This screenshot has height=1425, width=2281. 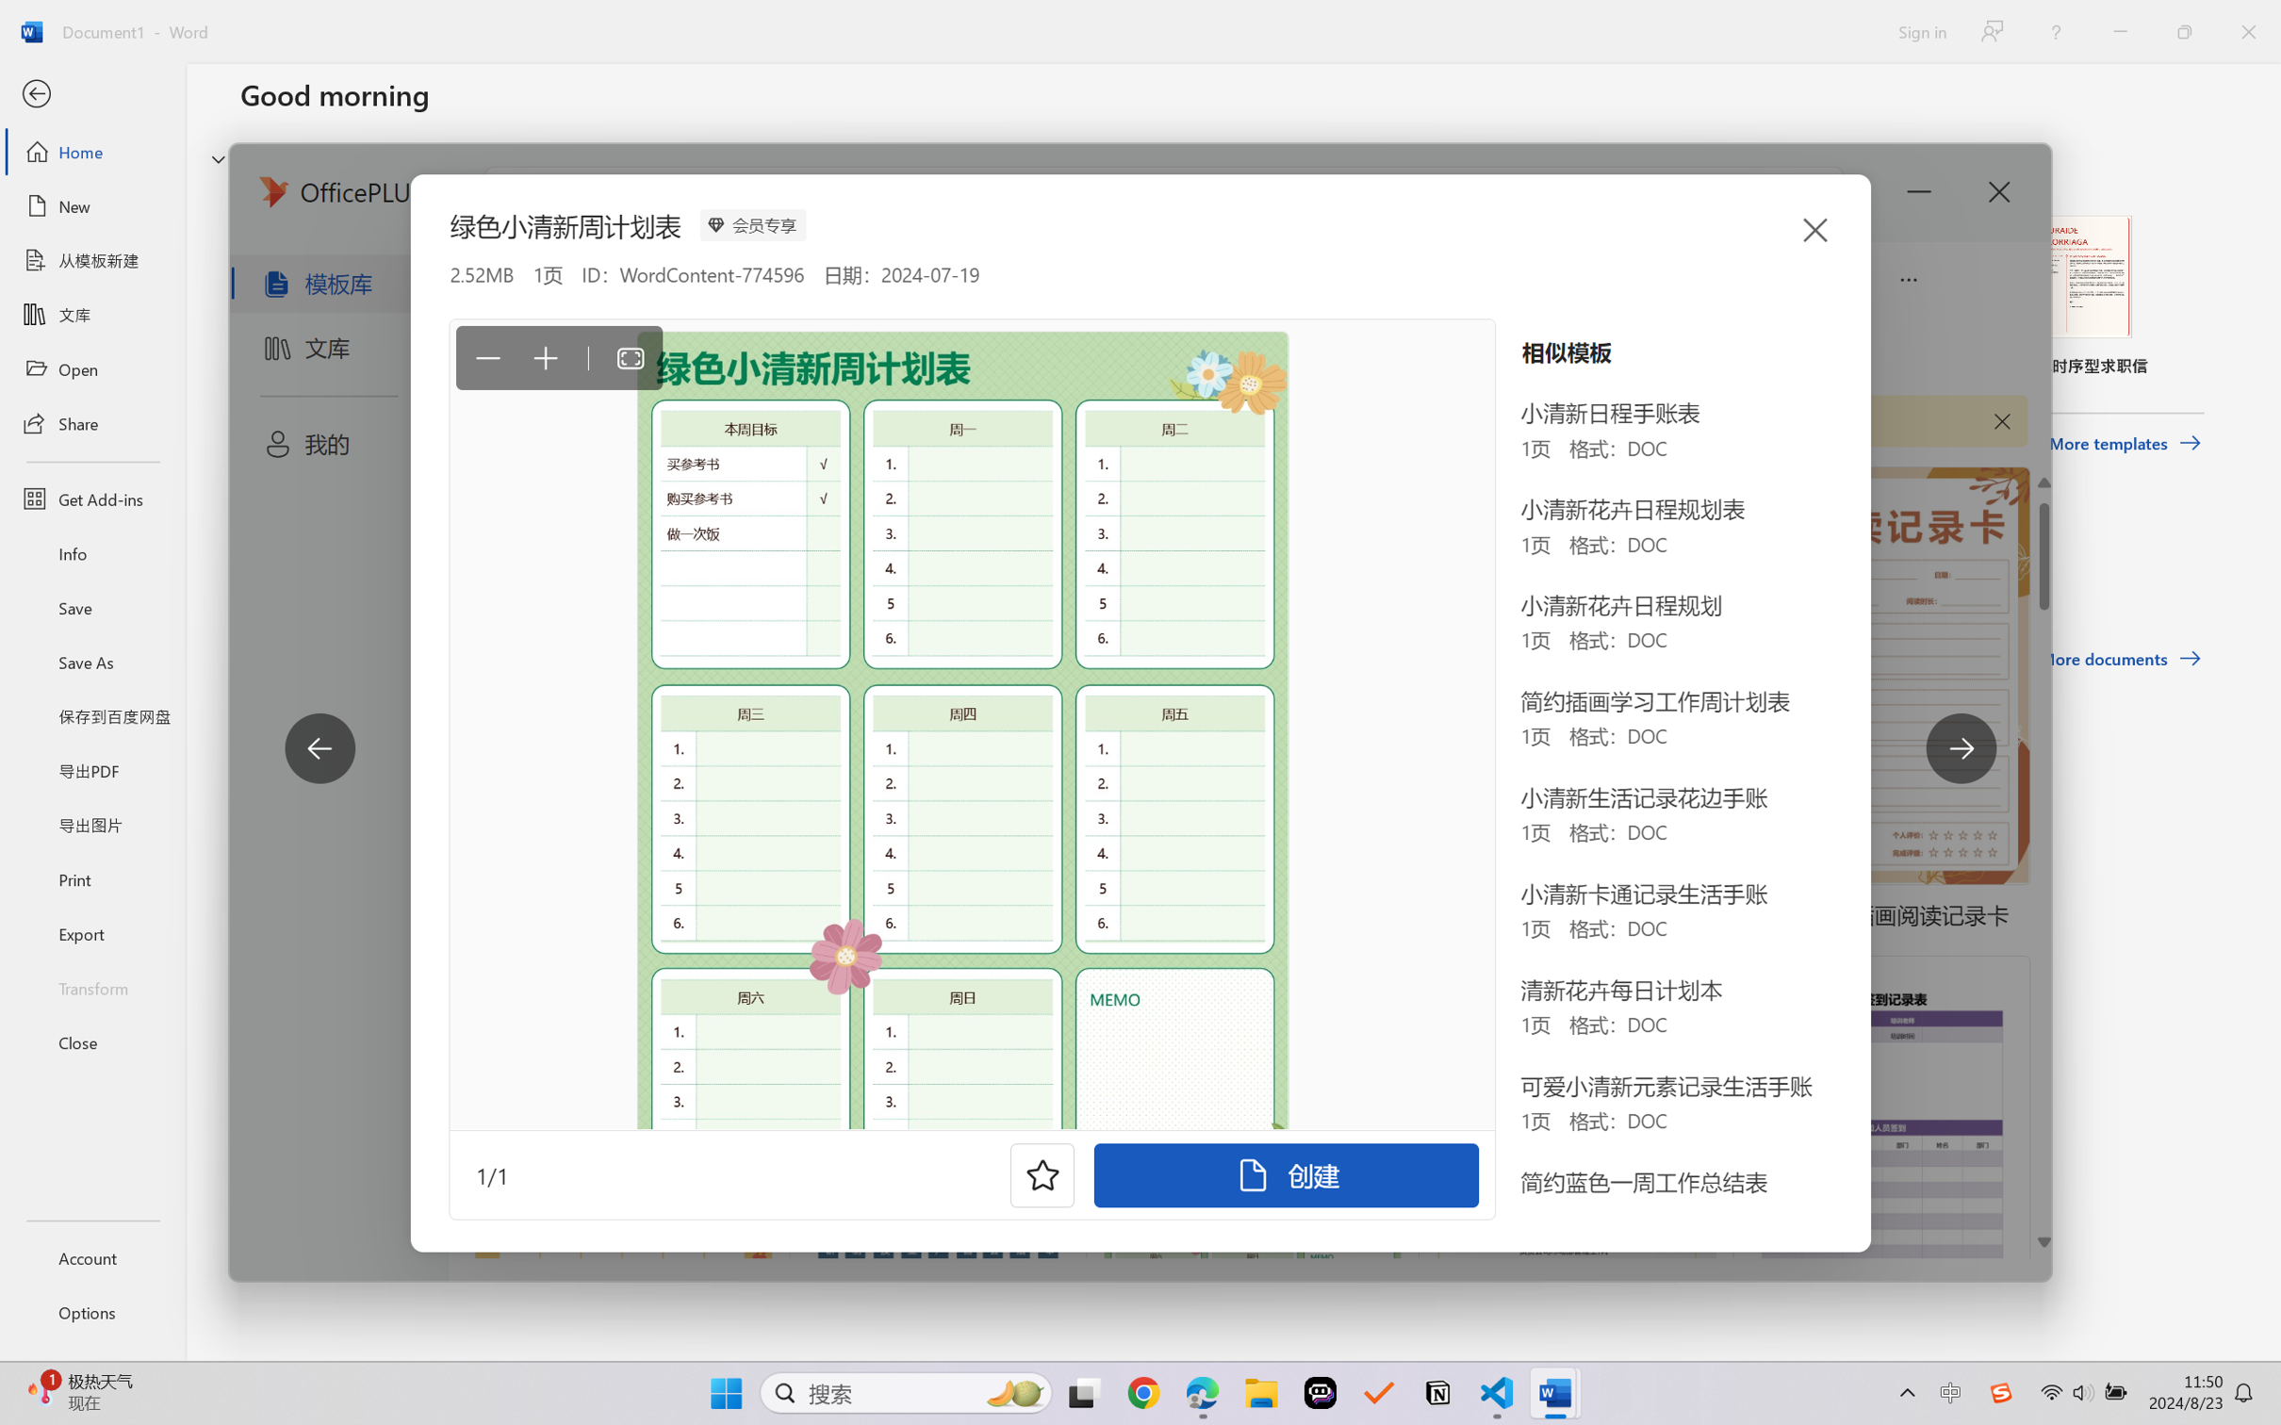 I want to click on 'Sign in', so click(x=1920, y=31).